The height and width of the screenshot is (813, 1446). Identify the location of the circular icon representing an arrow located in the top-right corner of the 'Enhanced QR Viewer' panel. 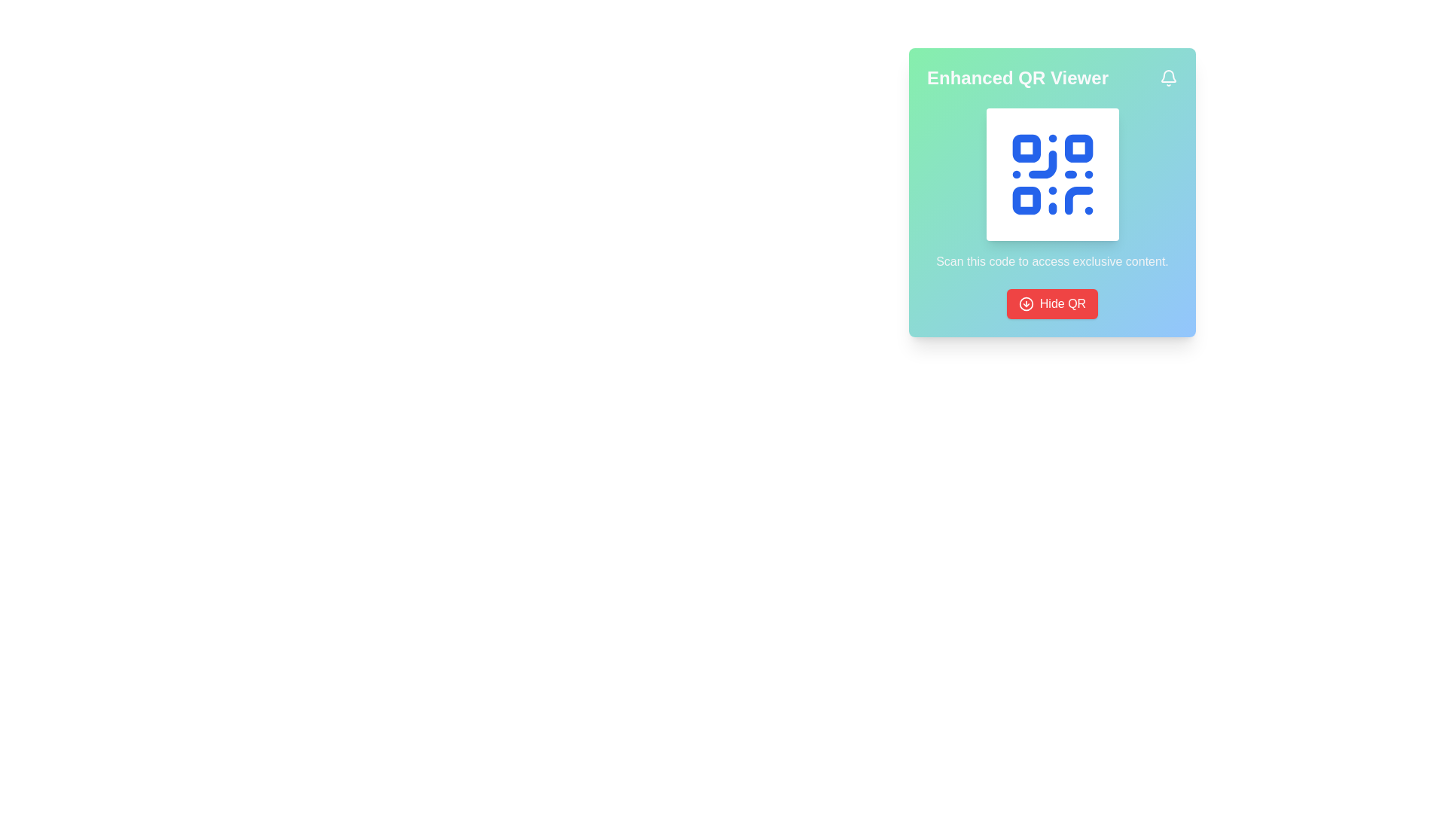
(1025, 304).